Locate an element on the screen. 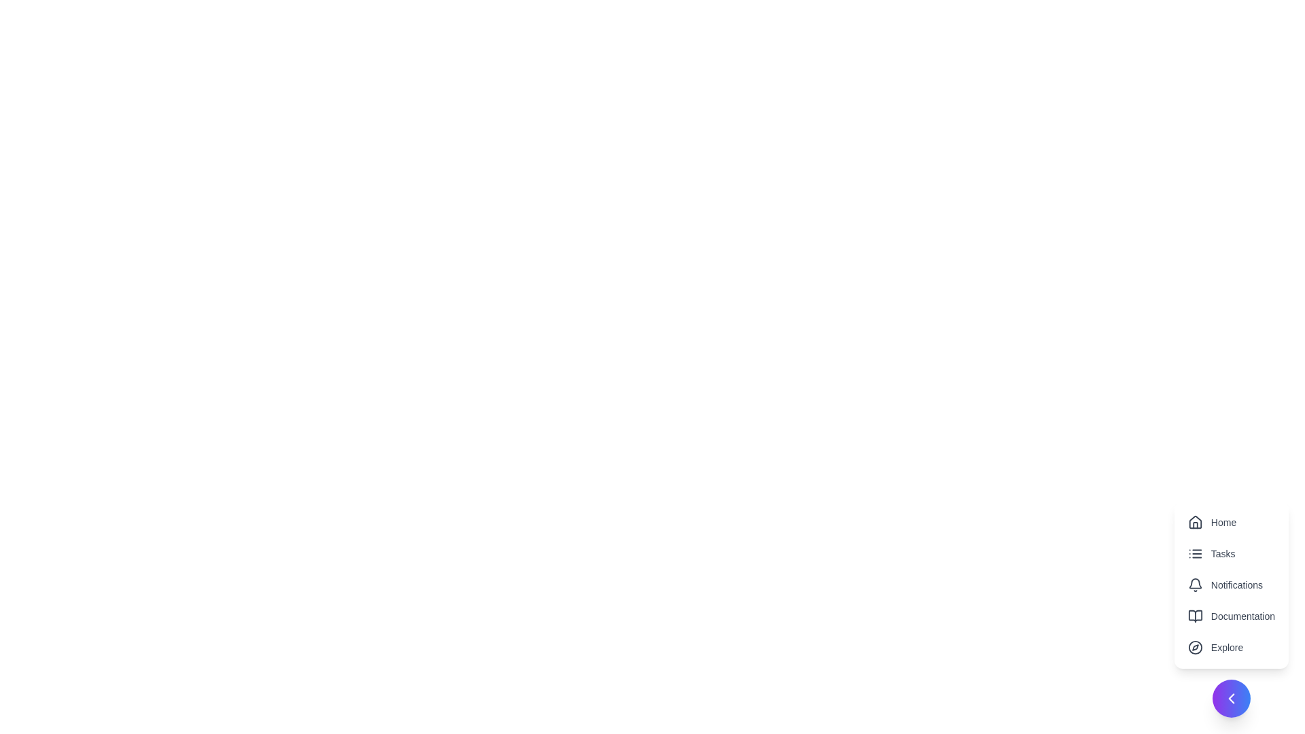  the menu item Explore from the speed dial options is located at coordinates (1231, 646).